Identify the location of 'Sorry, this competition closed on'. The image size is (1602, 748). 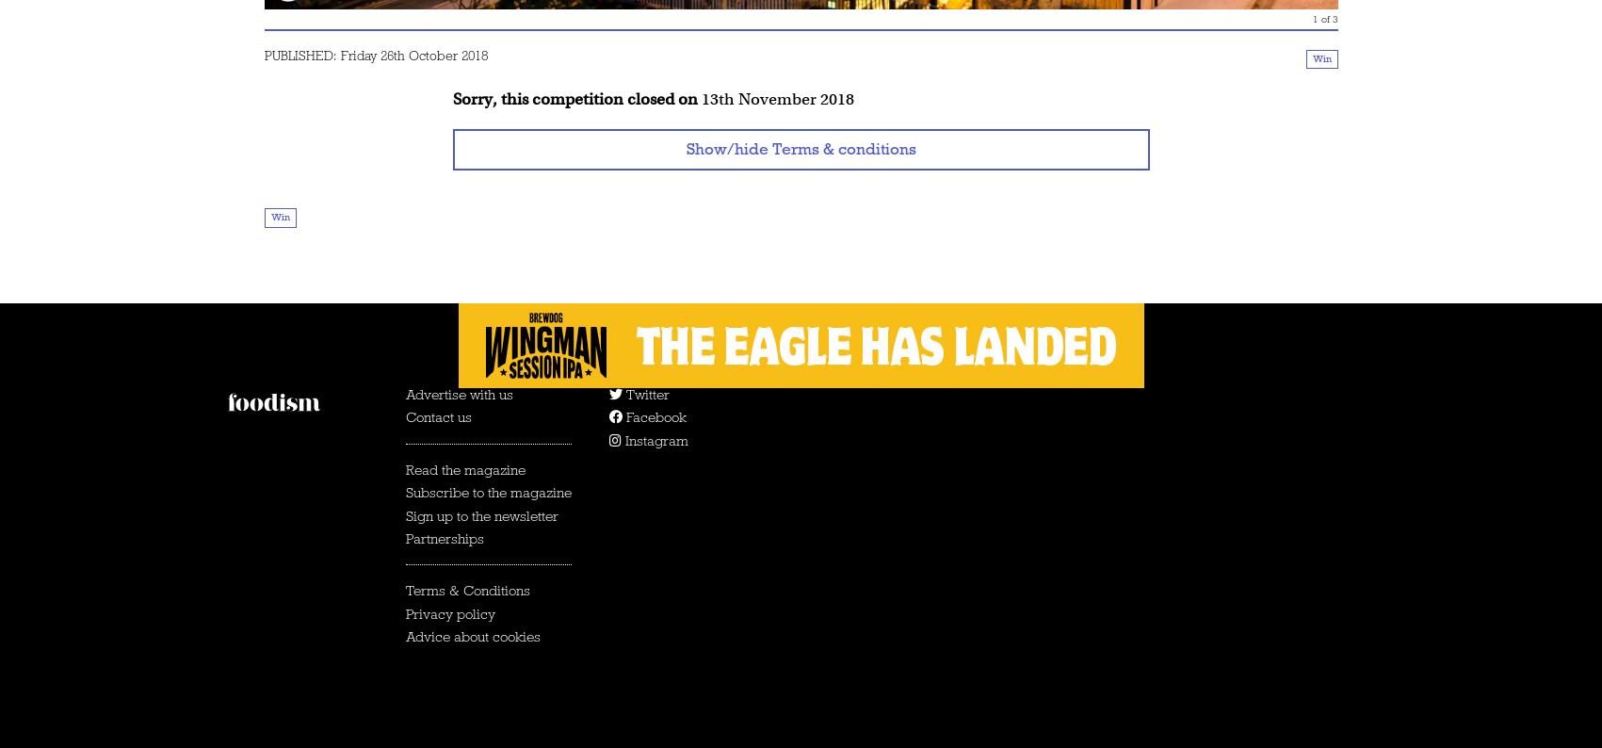
(575, 98).